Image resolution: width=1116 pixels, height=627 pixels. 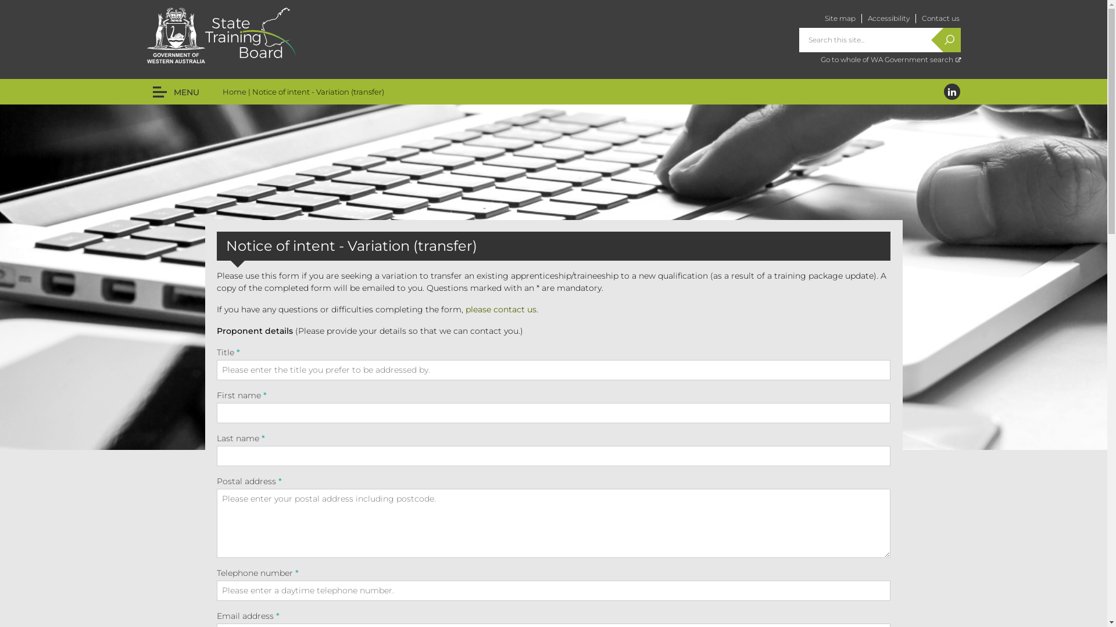 What do you see at coordinates (943, 39) in the screenshot?
I see `'Search'` at bounding box center [943, 39].